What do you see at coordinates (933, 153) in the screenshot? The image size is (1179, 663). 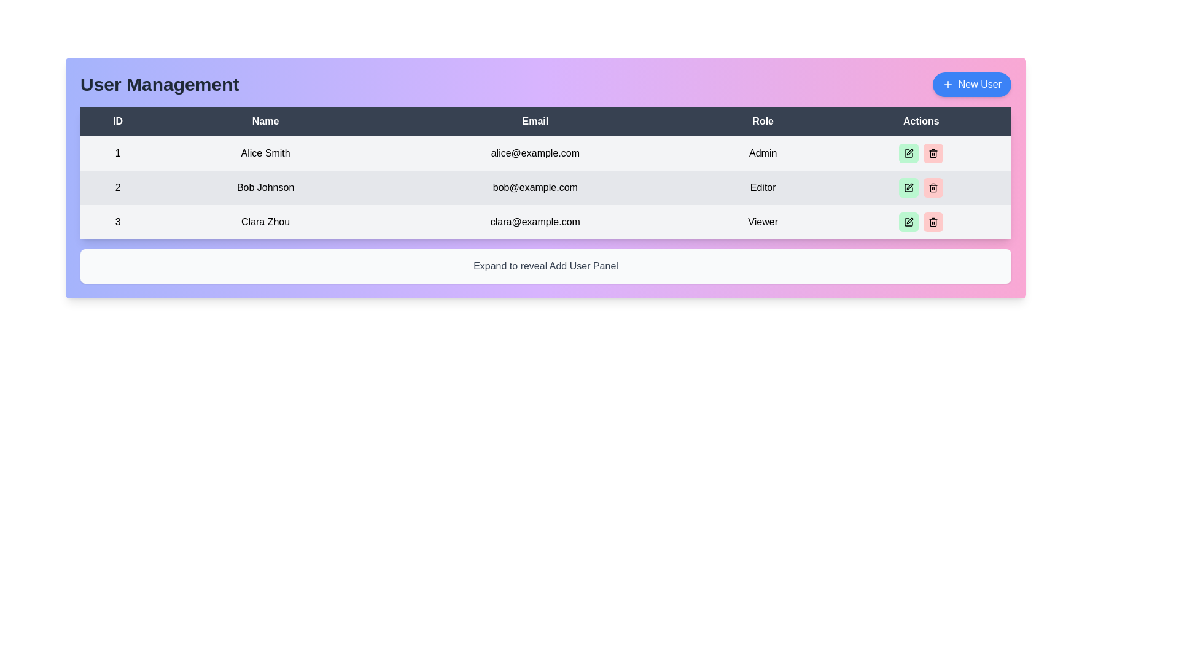 I see `the vertical bar that forms part of the trashcan icon, positioned centrally between the top bar and the base of the trashcan` at bounding box center [933, 153].